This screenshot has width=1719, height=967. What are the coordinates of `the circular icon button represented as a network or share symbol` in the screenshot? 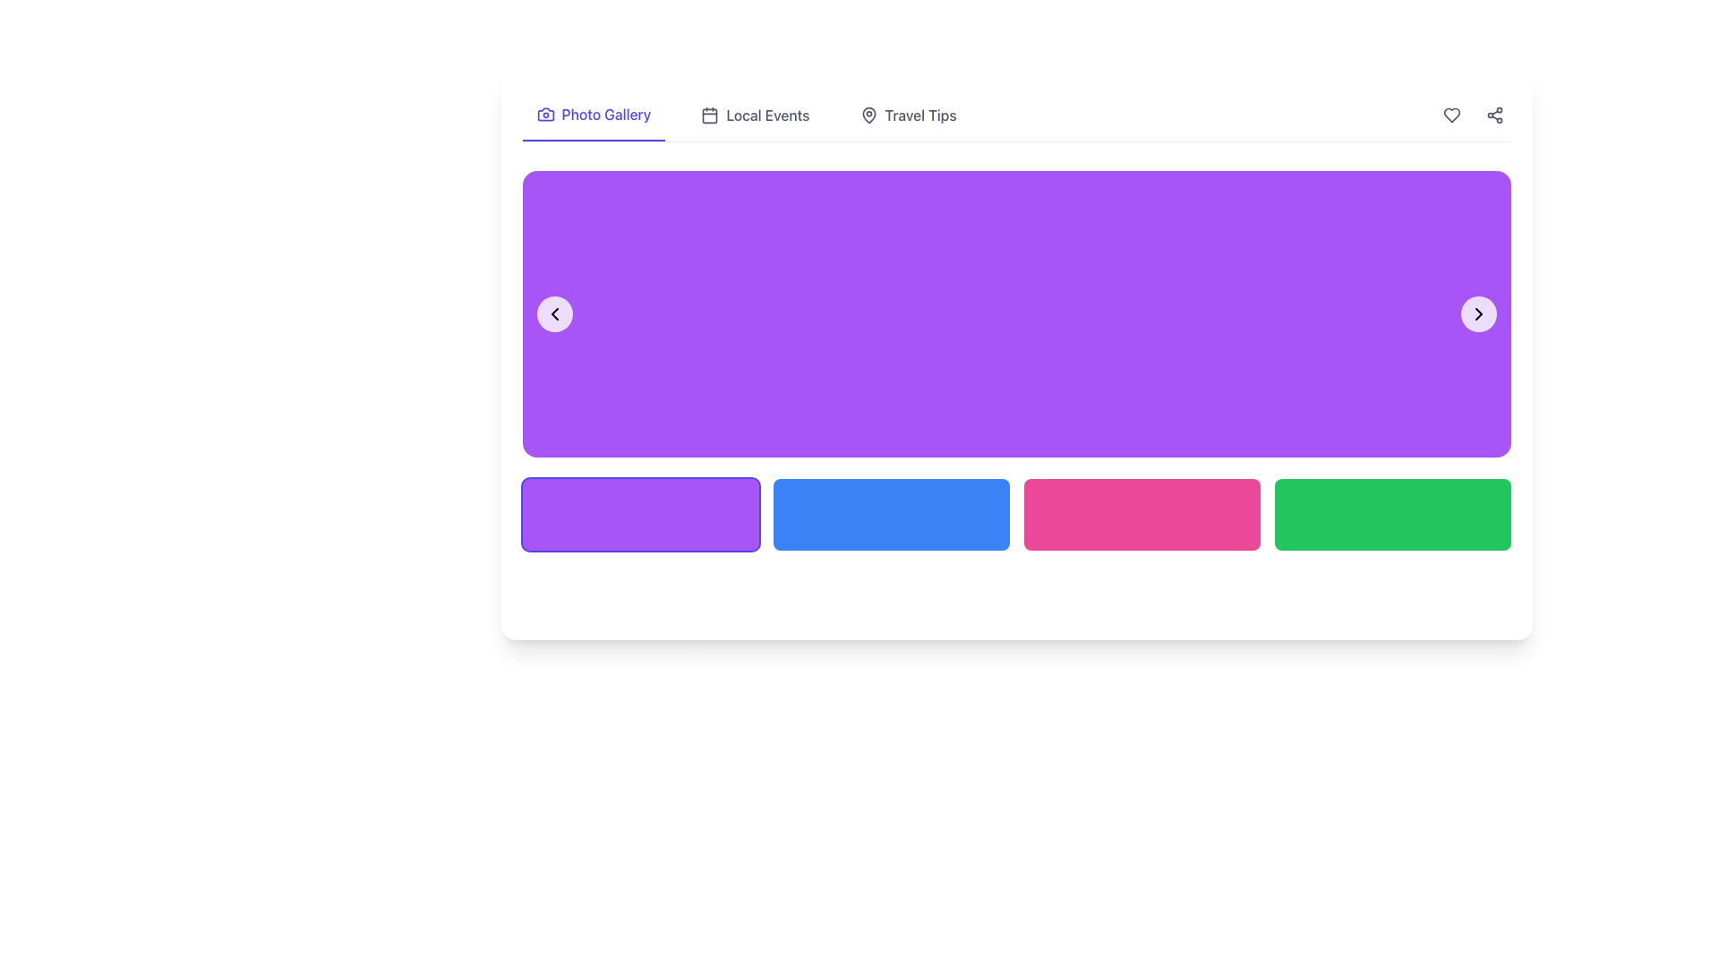 It's located at (1494, 115).